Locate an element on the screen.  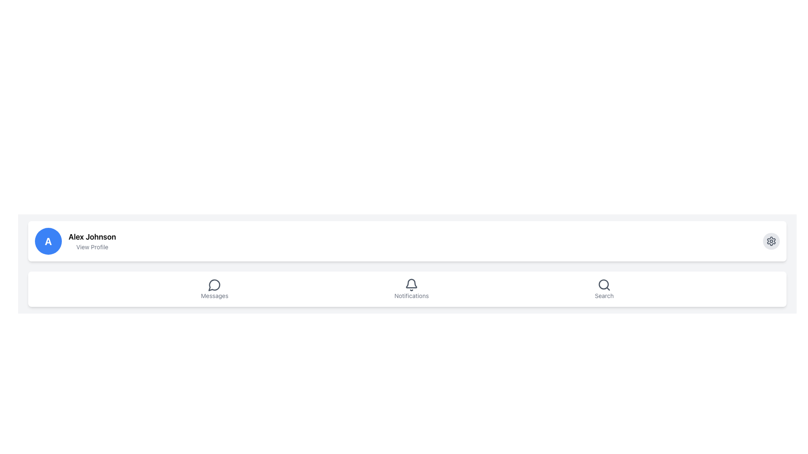
the 'Messages' button, which features a speech bubble icon above the text 'Messages' is located at coordinates (215, 288).